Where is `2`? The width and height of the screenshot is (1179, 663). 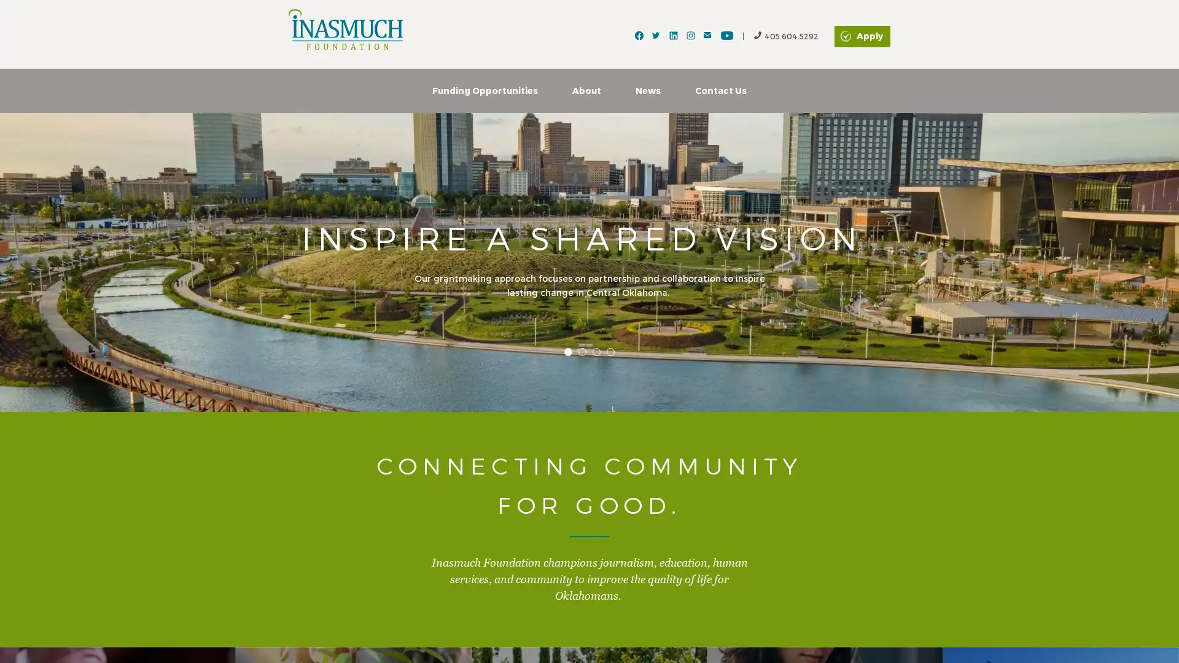
2 is located at coordinates (582, 351).